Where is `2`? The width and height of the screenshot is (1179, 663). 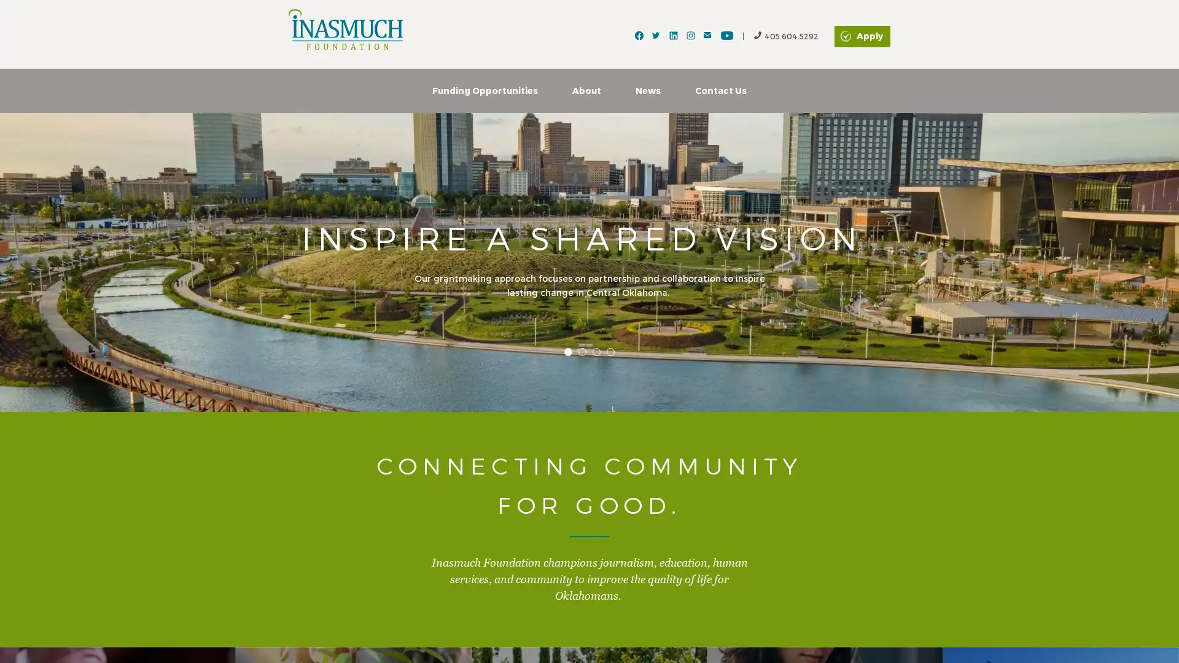
2 is located at coordinates (582, 351).